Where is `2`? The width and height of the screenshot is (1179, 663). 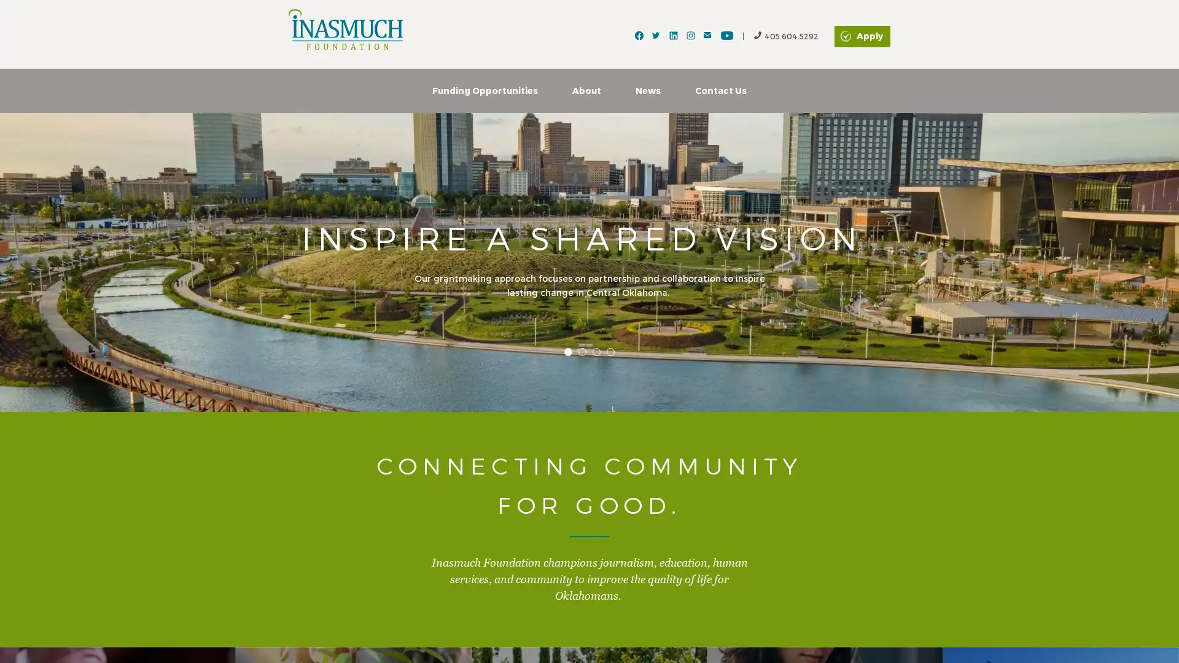
2 is located at coordinates (582, 351).